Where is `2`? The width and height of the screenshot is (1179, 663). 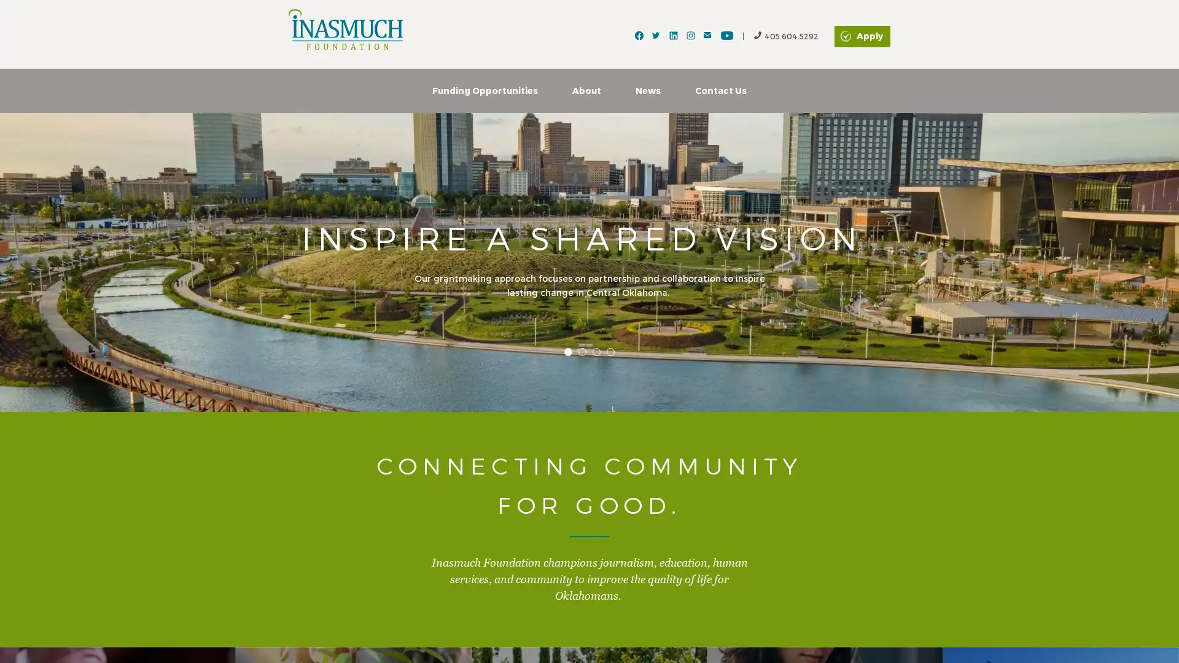
2 is located at coordinates (582, 351).